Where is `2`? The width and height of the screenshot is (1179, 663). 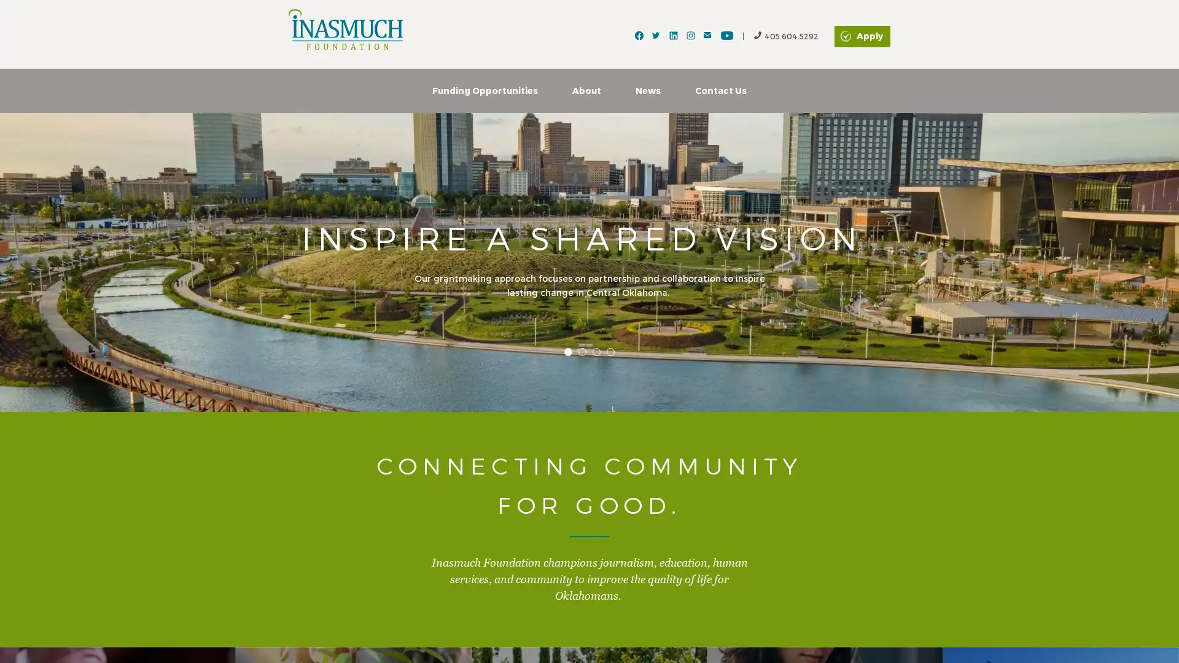
2 is located at coordinates (582, 351).